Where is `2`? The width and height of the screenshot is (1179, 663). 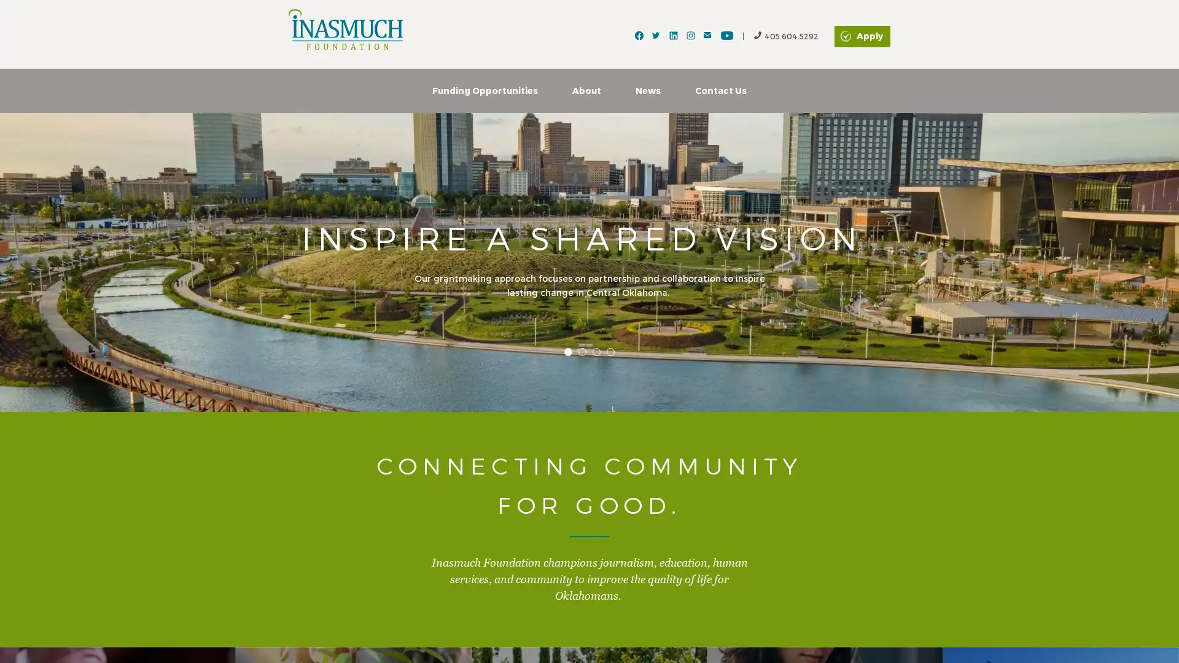
2 is located at coordinates (582, 351).